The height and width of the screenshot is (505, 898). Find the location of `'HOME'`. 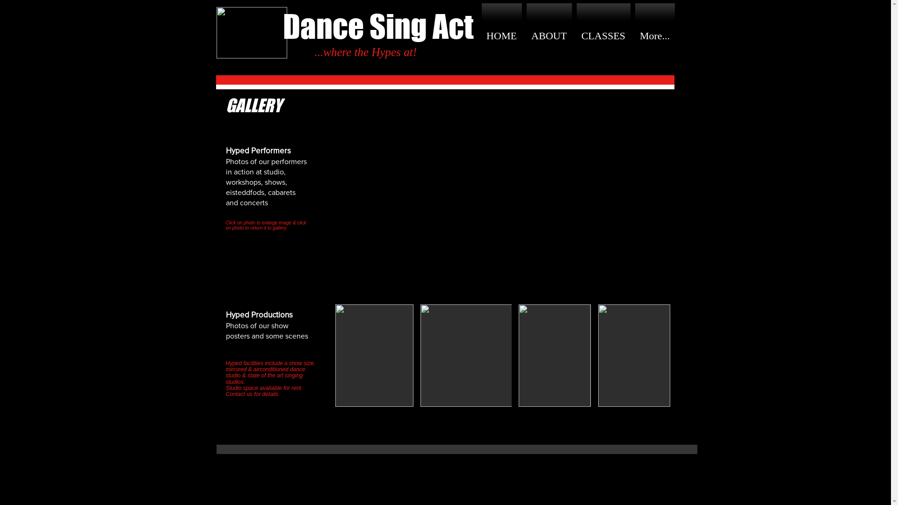

'HOME' is located at coordinates (482, 36).